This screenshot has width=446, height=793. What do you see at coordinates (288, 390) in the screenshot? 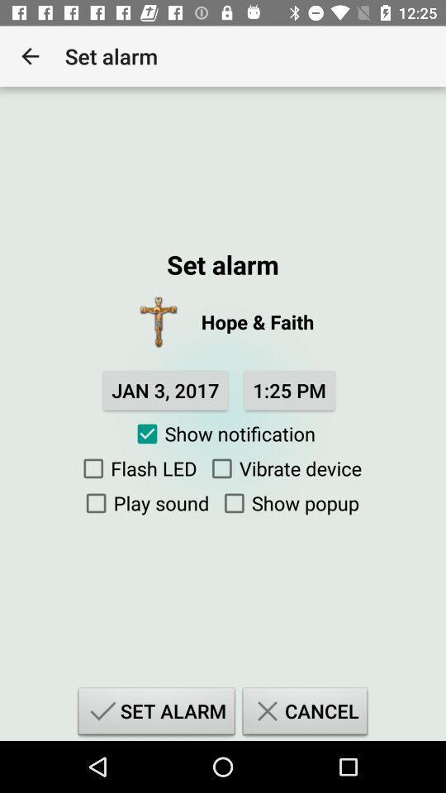
I see `the 1:25 pm item` at bounding box center [288, 390].